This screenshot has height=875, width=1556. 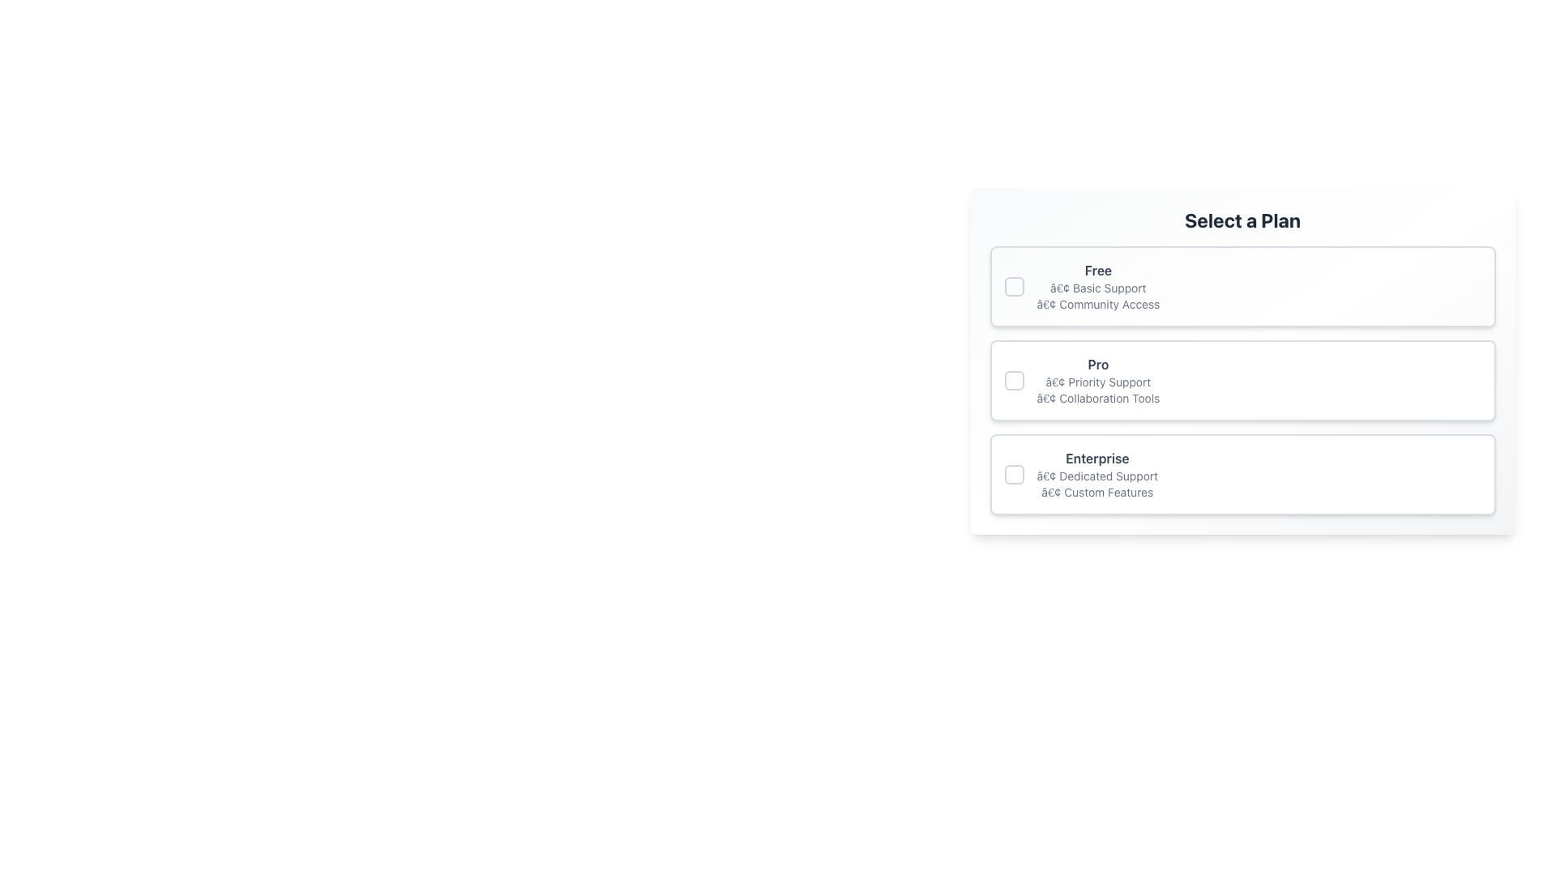 I want to click on the 'Pro' plan selectable option, so click(x=1242, y=381).